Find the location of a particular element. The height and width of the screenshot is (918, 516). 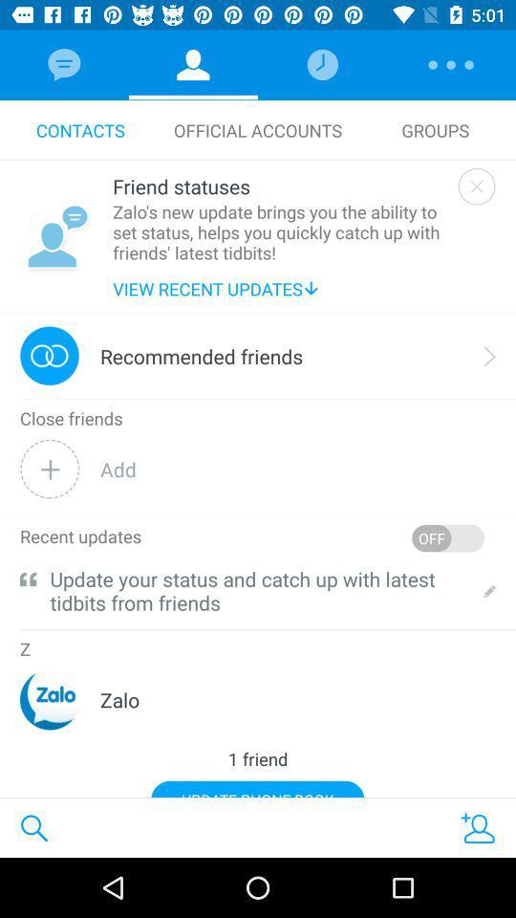

1 friend icon is located at coordinates (258, 758).